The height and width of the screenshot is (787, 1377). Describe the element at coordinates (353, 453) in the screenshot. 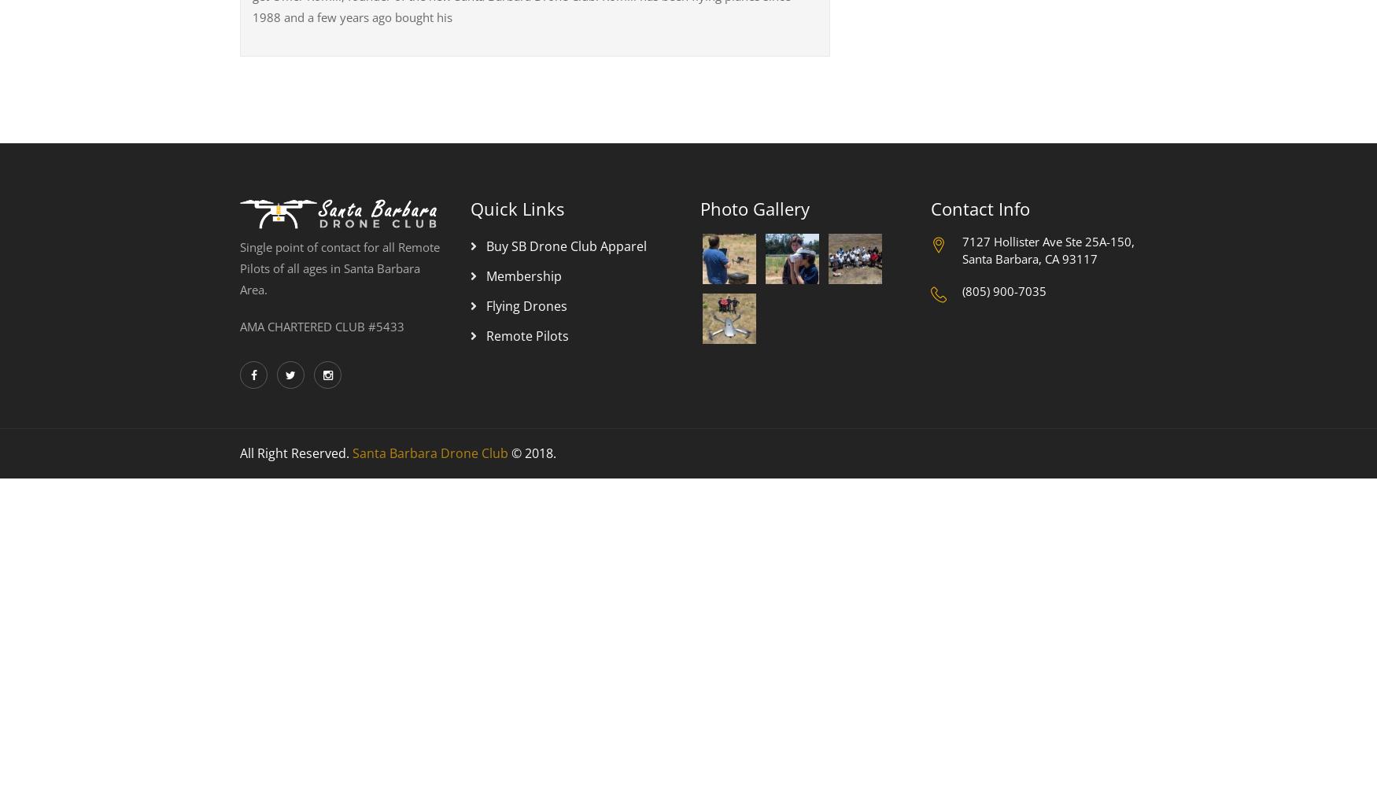

I see `'Santa Barbara Drone Club'` at that location.